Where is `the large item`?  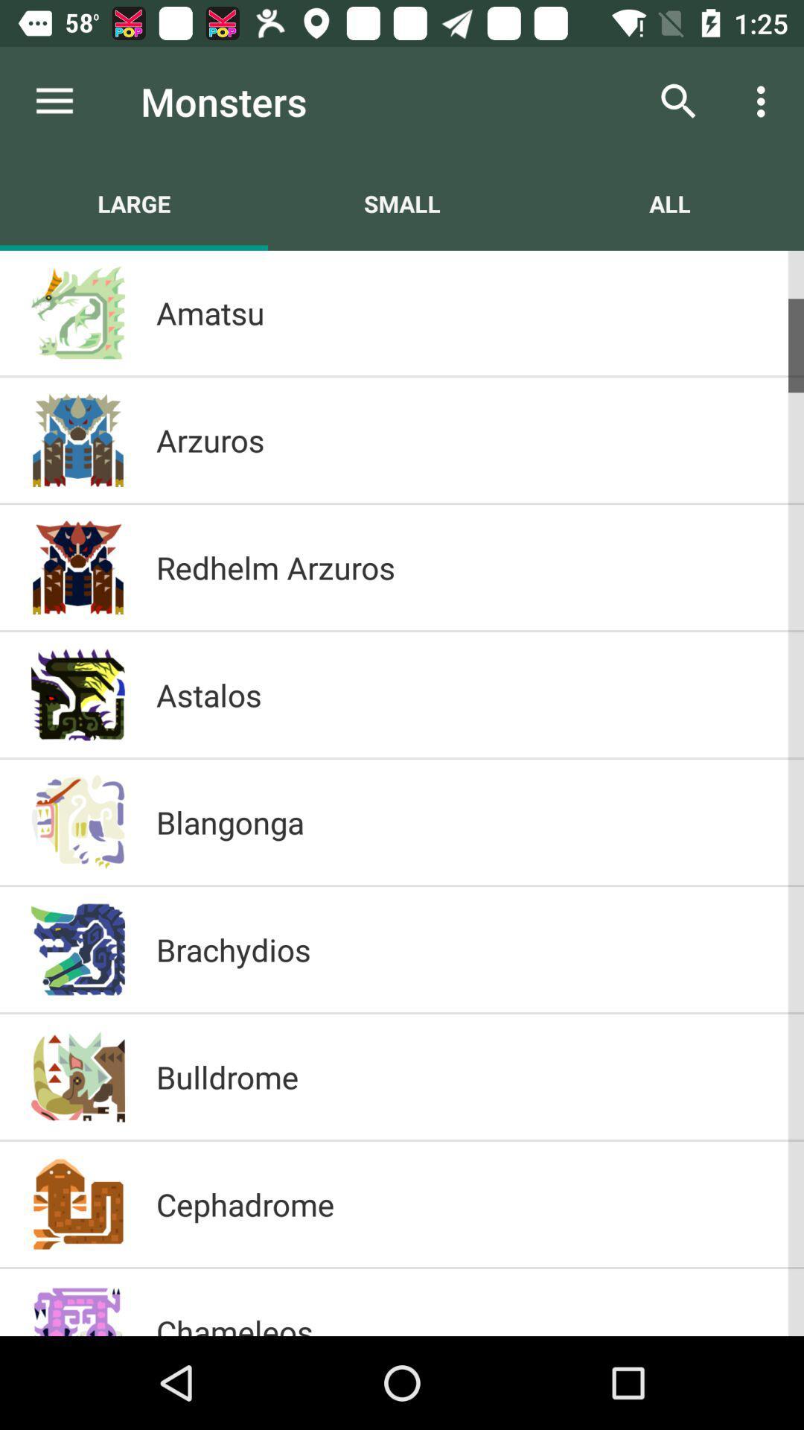 the large item is located at coordinates (134, 203).